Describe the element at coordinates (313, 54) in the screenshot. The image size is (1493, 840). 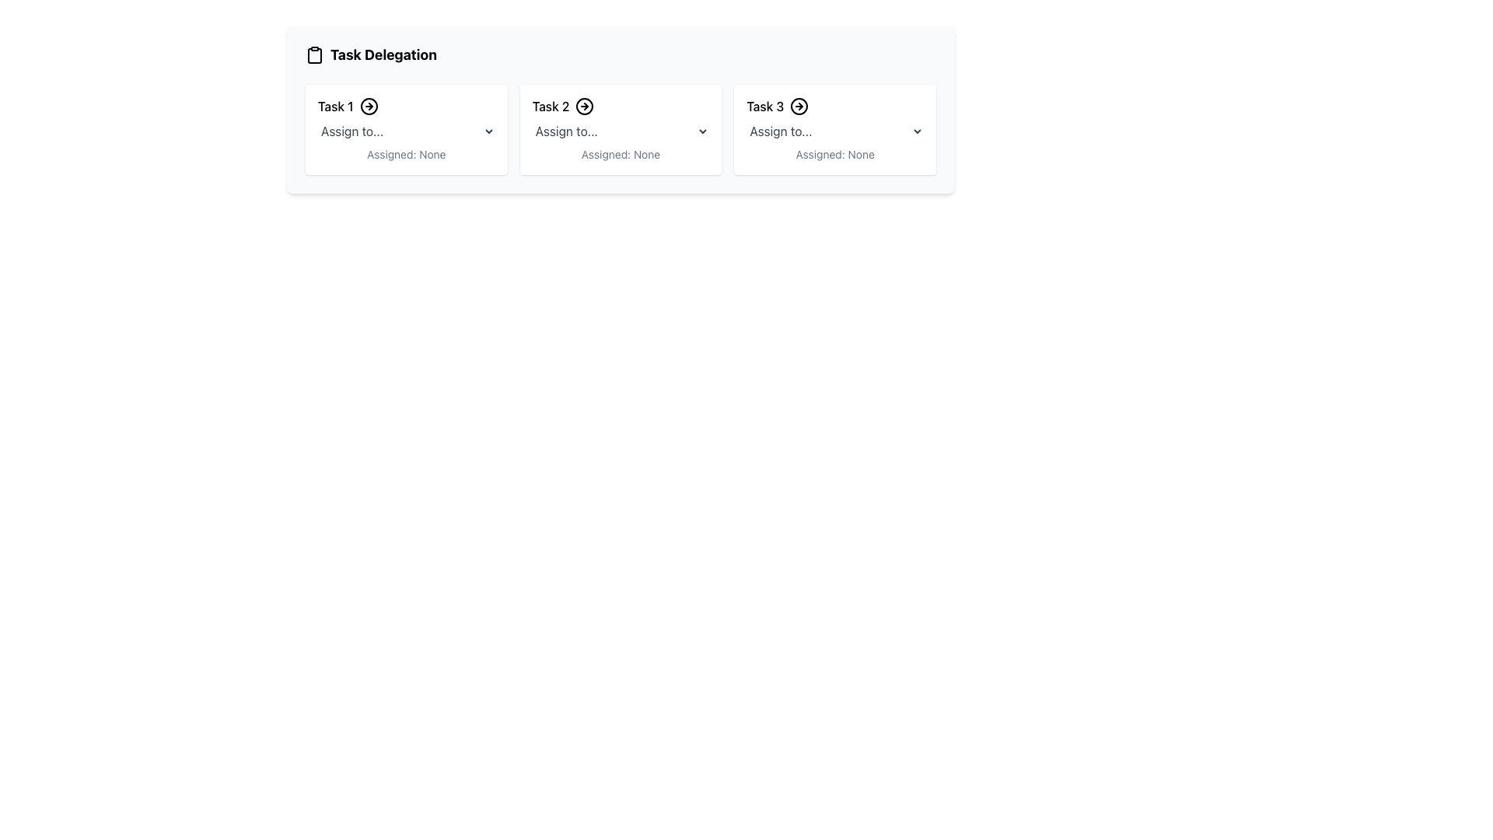
I see `the icon located at the far left of the 'Task Delegation' header` at that location.